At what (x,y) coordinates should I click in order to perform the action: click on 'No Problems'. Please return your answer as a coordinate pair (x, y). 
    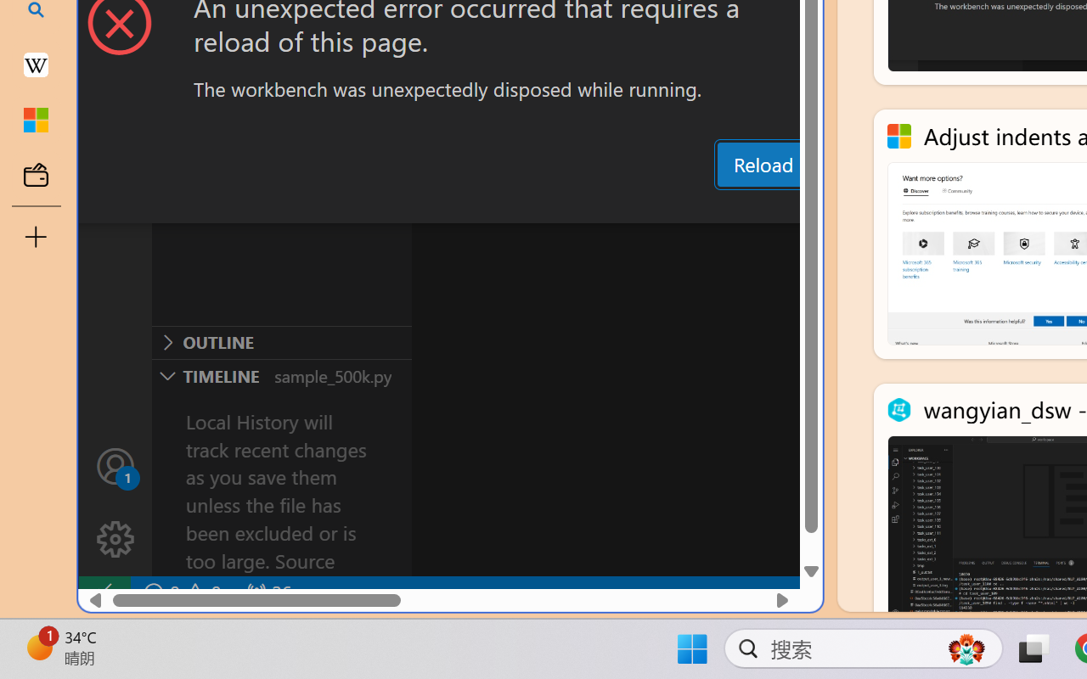
    Looking at the image, I should click on (181, 592).